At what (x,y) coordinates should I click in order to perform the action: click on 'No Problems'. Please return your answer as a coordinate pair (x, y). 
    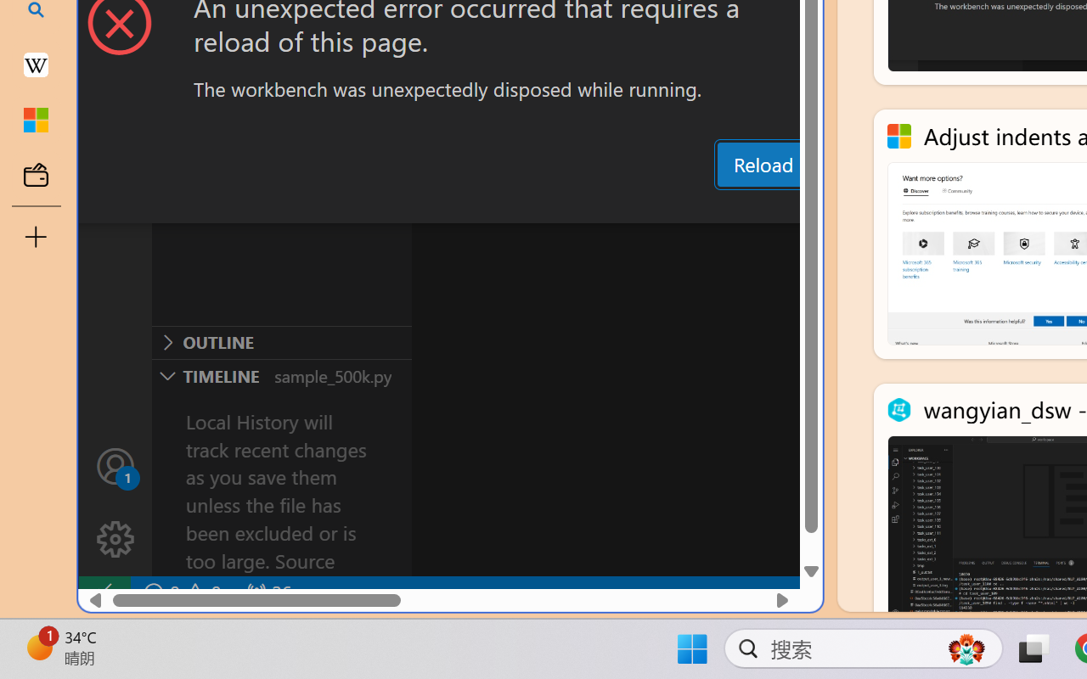
    Looking at the image, I should click on (181, 592).